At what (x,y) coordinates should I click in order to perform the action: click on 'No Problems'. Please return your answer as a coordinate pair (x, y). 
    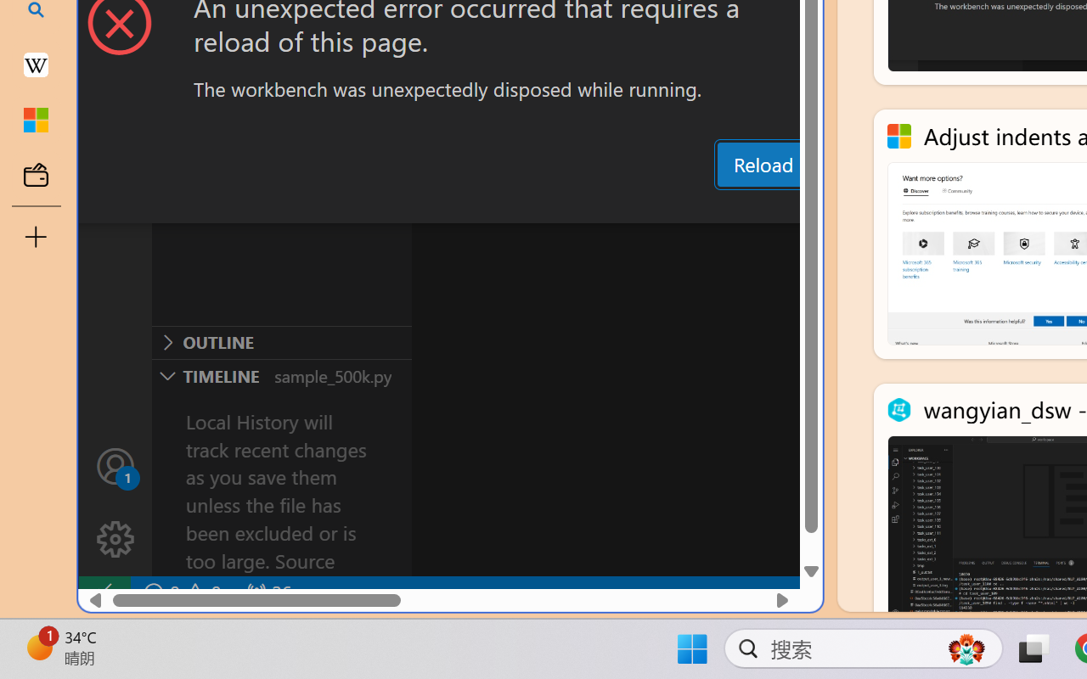
    Looking at the image, I should click on (181, 592).